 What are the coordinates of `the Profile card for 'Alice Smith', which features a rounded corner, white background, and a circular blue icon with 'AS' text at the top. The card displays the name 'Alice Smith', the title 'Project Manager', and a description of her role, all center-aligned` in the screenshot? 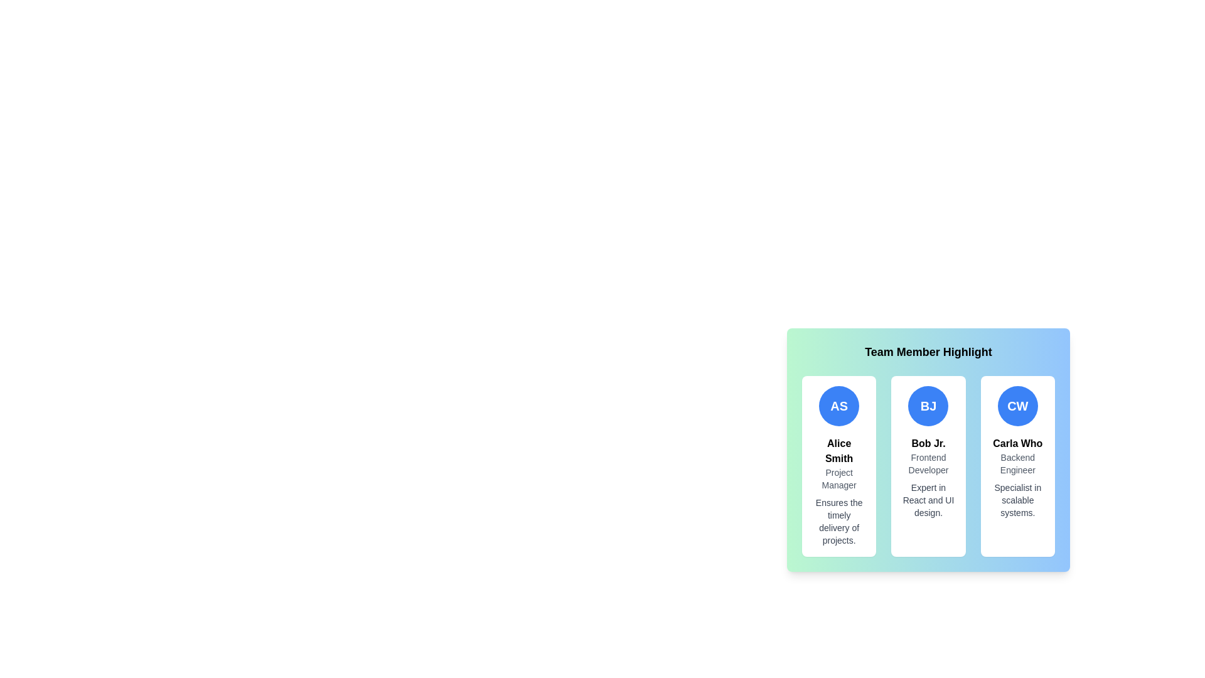 It's located at (839, 466).